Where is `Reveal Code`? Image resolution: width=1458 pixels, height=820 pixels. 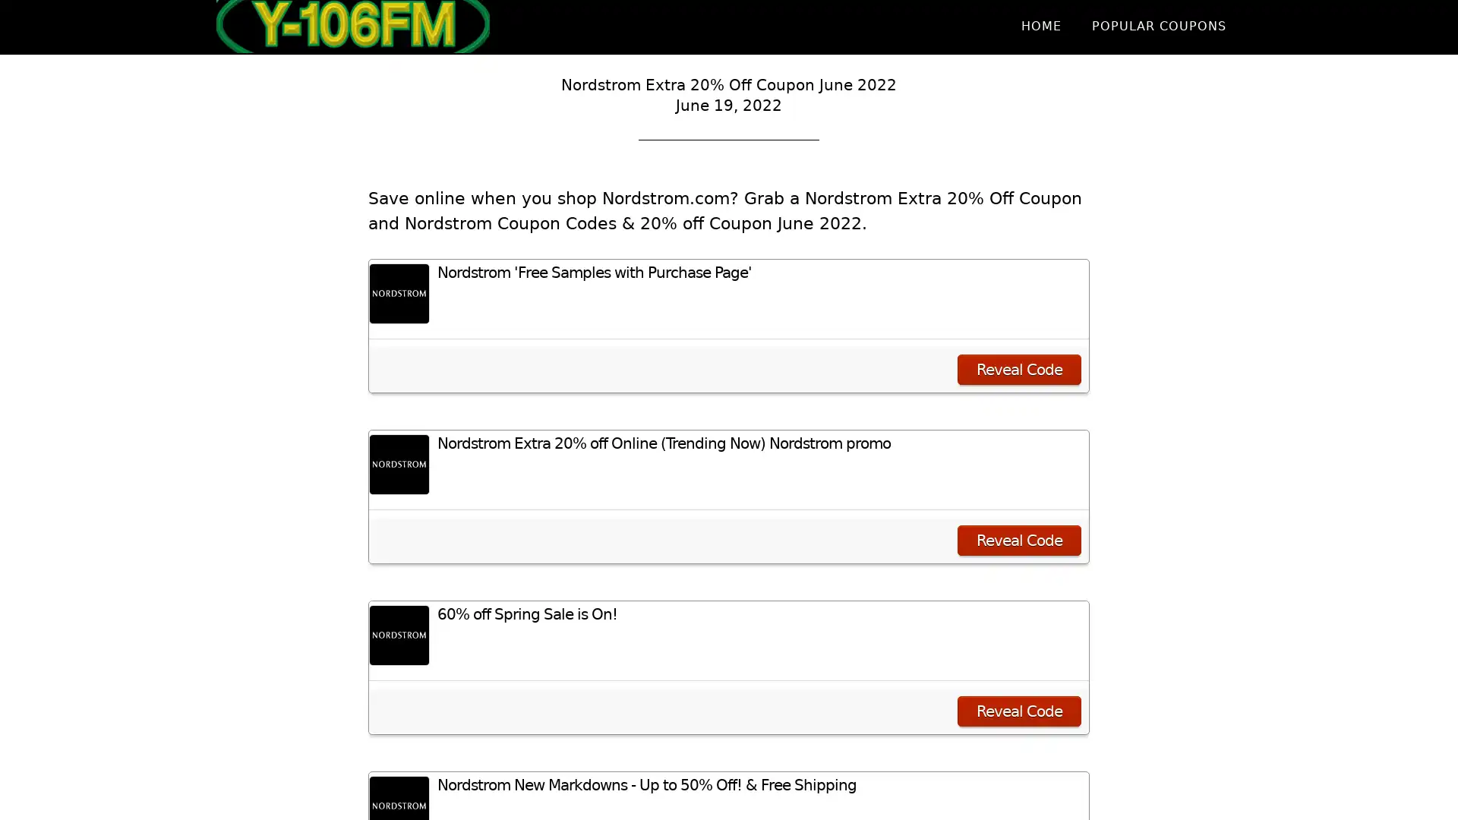 Reveal Code is located at coordinates (1019, 369).